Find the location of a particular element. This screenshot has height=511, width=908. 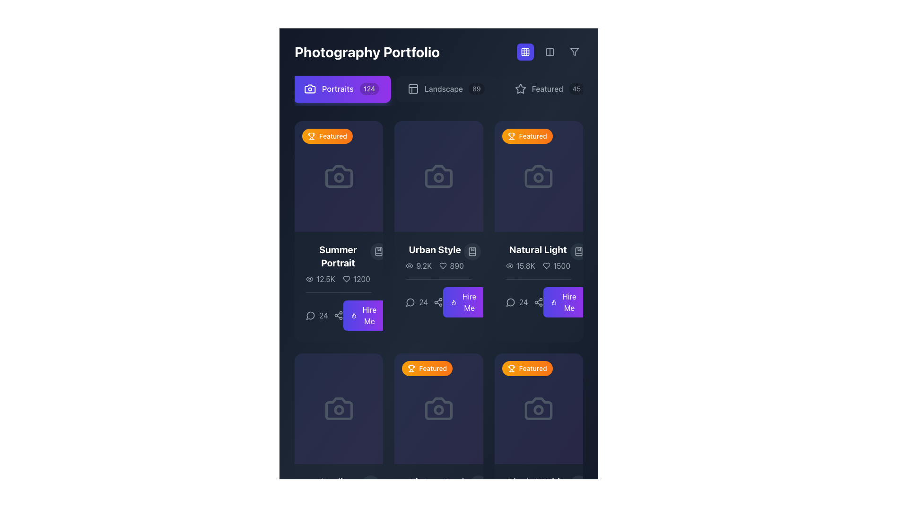

number displayed on the label or badge located to the right of the 'Portraits' button in the toolbar is located at coordinates (369, 89).